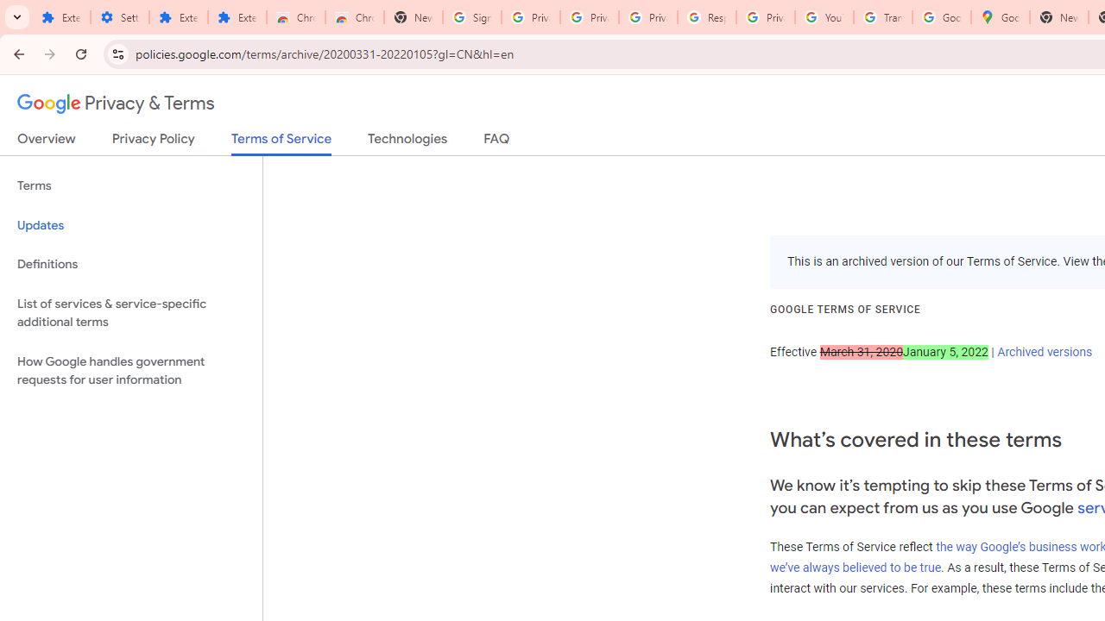 This screenshot has height=621, width=1105. What do you see at coordinates (178, 17) in the screenshot?
I see `'Extensions'` at bounding box center [178, 17].